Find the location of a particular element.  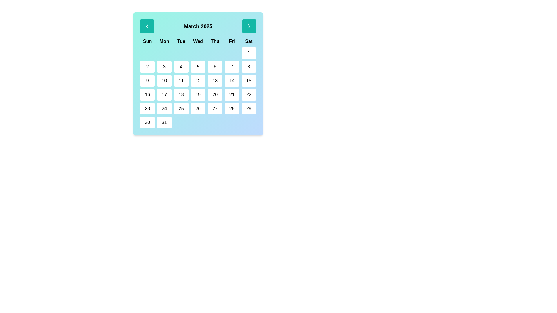

the rounded rectangular button displaying the digit '2' in bold black font is located at coordinates (147, 67).